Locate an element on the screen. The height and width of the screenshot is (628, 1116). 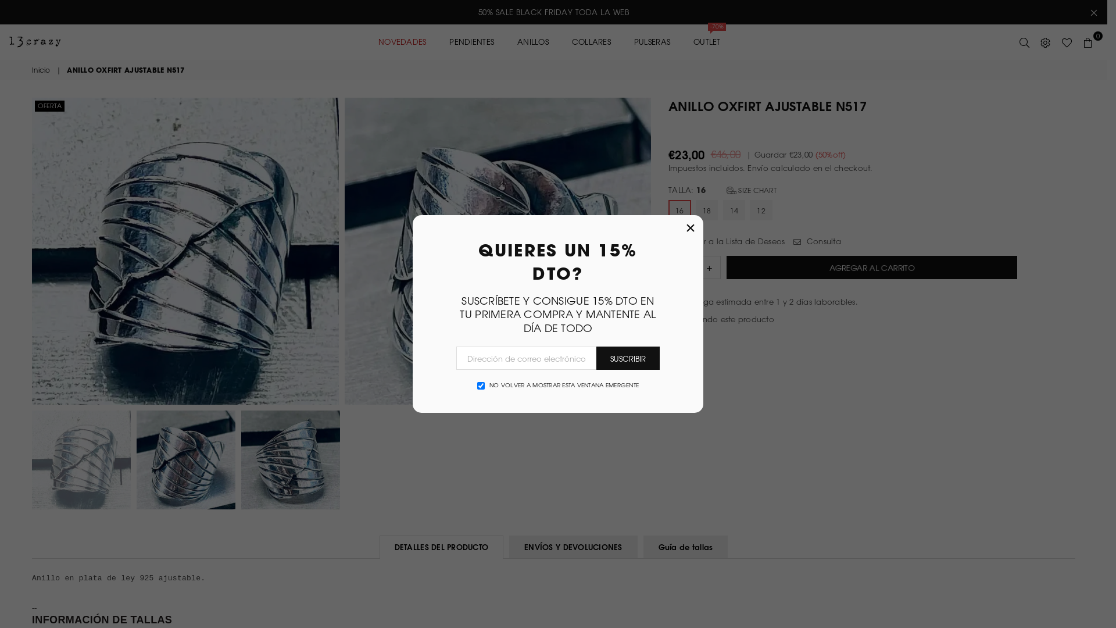
'COLLARES' is located at coordinates (591, 41).